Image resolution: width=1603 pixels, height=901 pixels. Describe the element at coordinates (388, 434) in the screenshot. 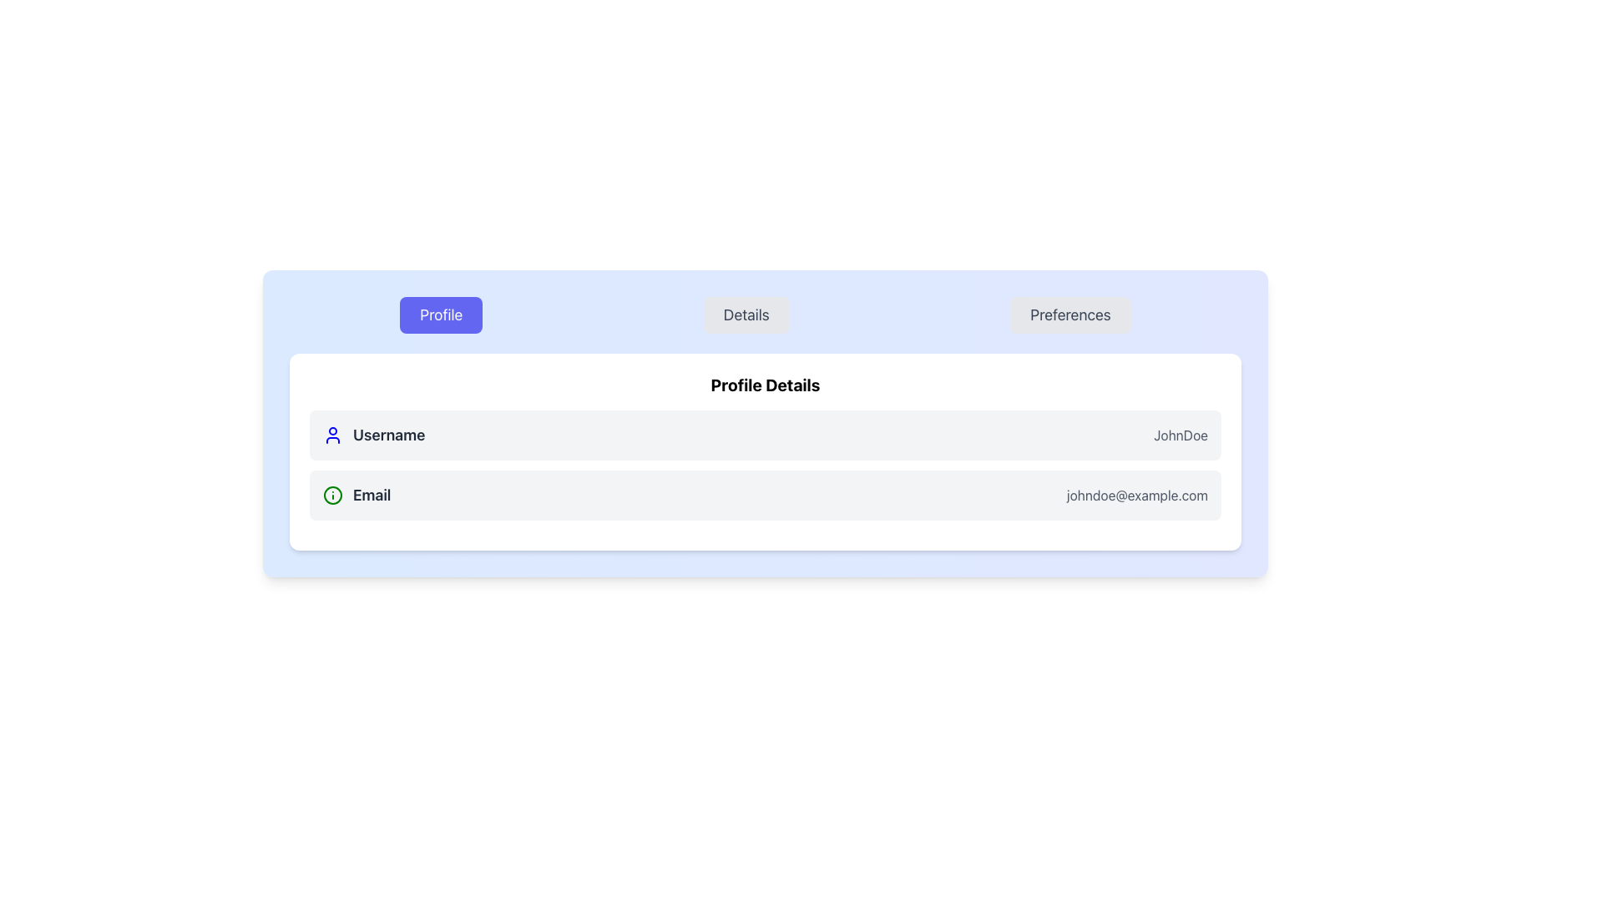

I see `the label element that serves as a heading for user information, located to the right of the blue user icon and above the 'Email' text entry field` at that location.